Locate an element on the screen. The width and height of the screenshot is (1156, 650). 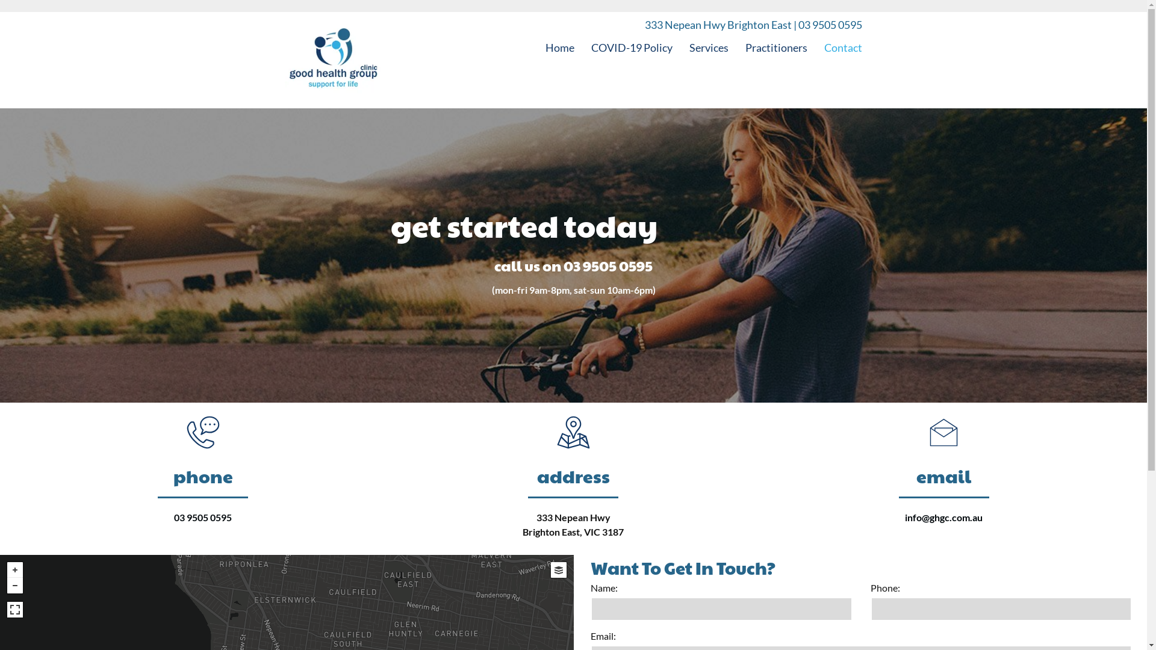
'icon of map' is located at coordinates (573, 431).